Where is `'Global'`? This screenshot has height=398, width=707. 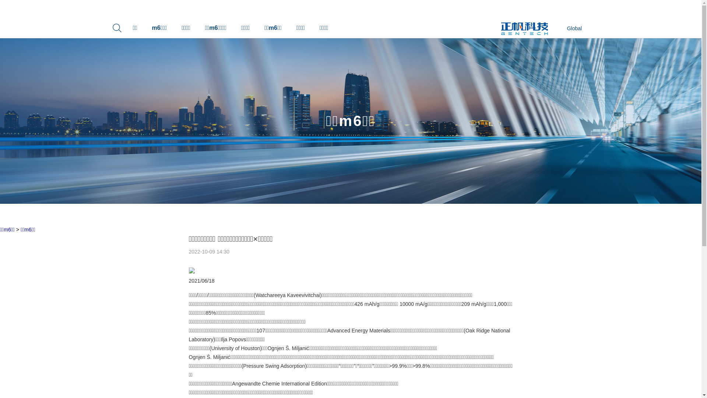 'Global' is located at coordinates (572, 28).